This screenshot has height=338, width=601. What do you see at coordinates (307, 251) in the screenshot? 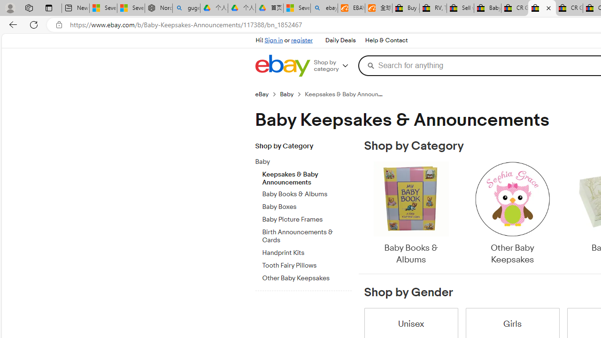
I see `'Handprint Kits'` at bounding box center [307, 251].